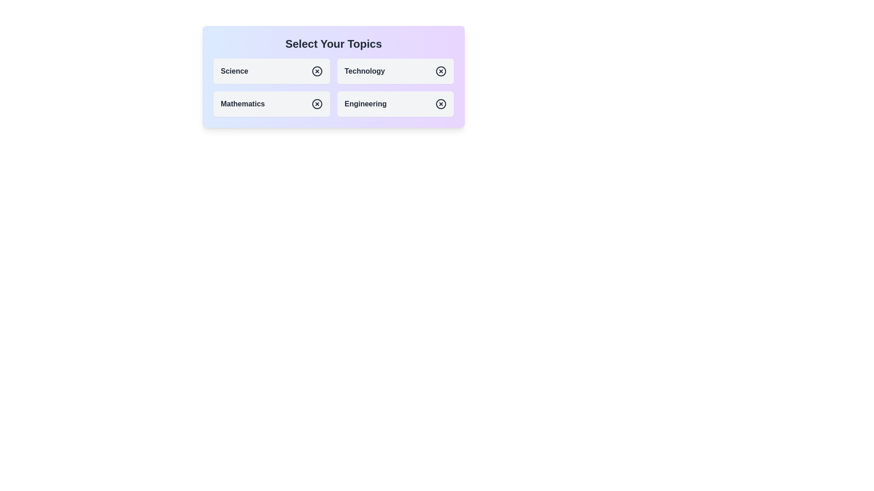 The height and width of the screenshot is (491, 874). What do you see at coordinates (271, 103) in the screenshot?
I see `the topic Mathematics by clicking on it` at bounding box center [271, 103].